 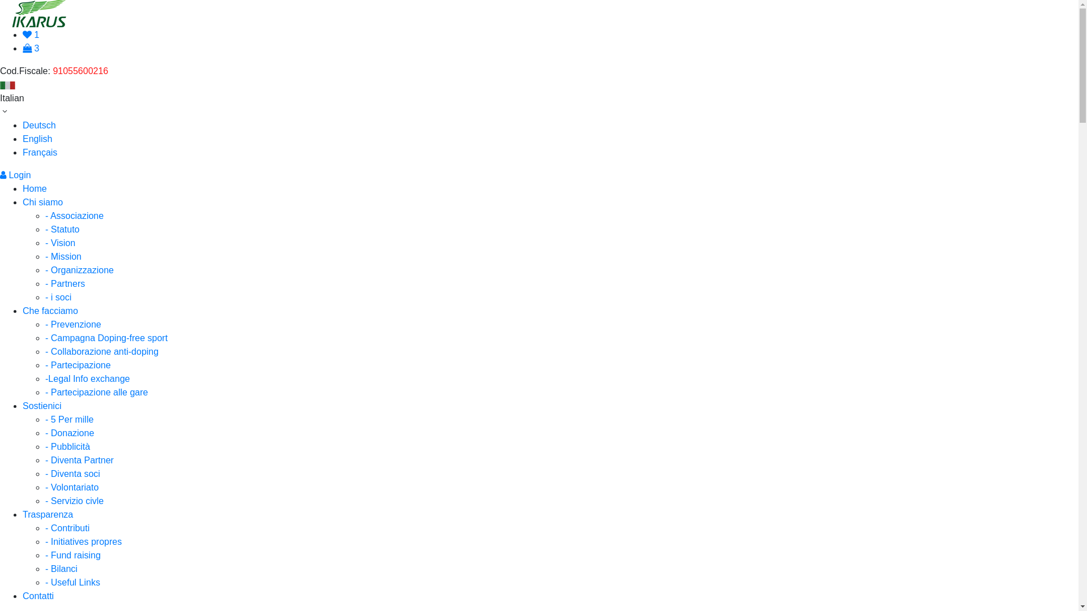 What do you see at coordinates (22, 405) in the screenshot?
I see `'Sostienici'` at bounding box center [22, 405].